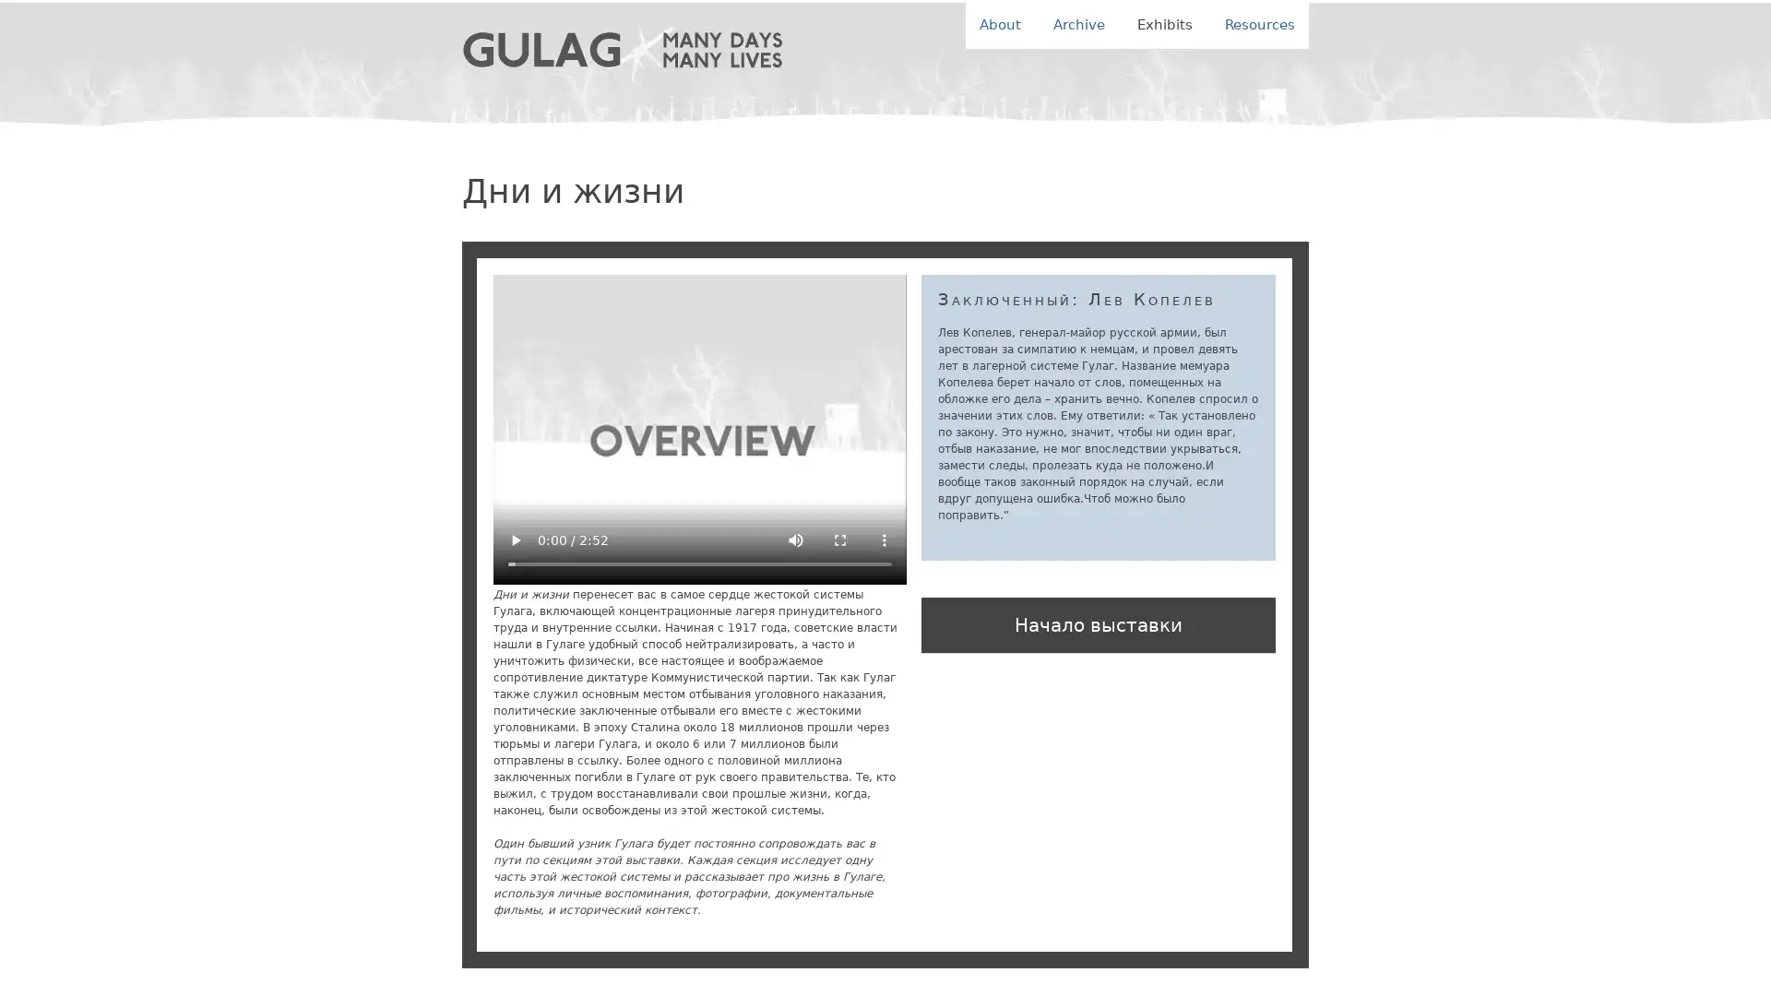 This screenshot has width=1771, height=996. I want to click on show more media controls, so click(884, 539).